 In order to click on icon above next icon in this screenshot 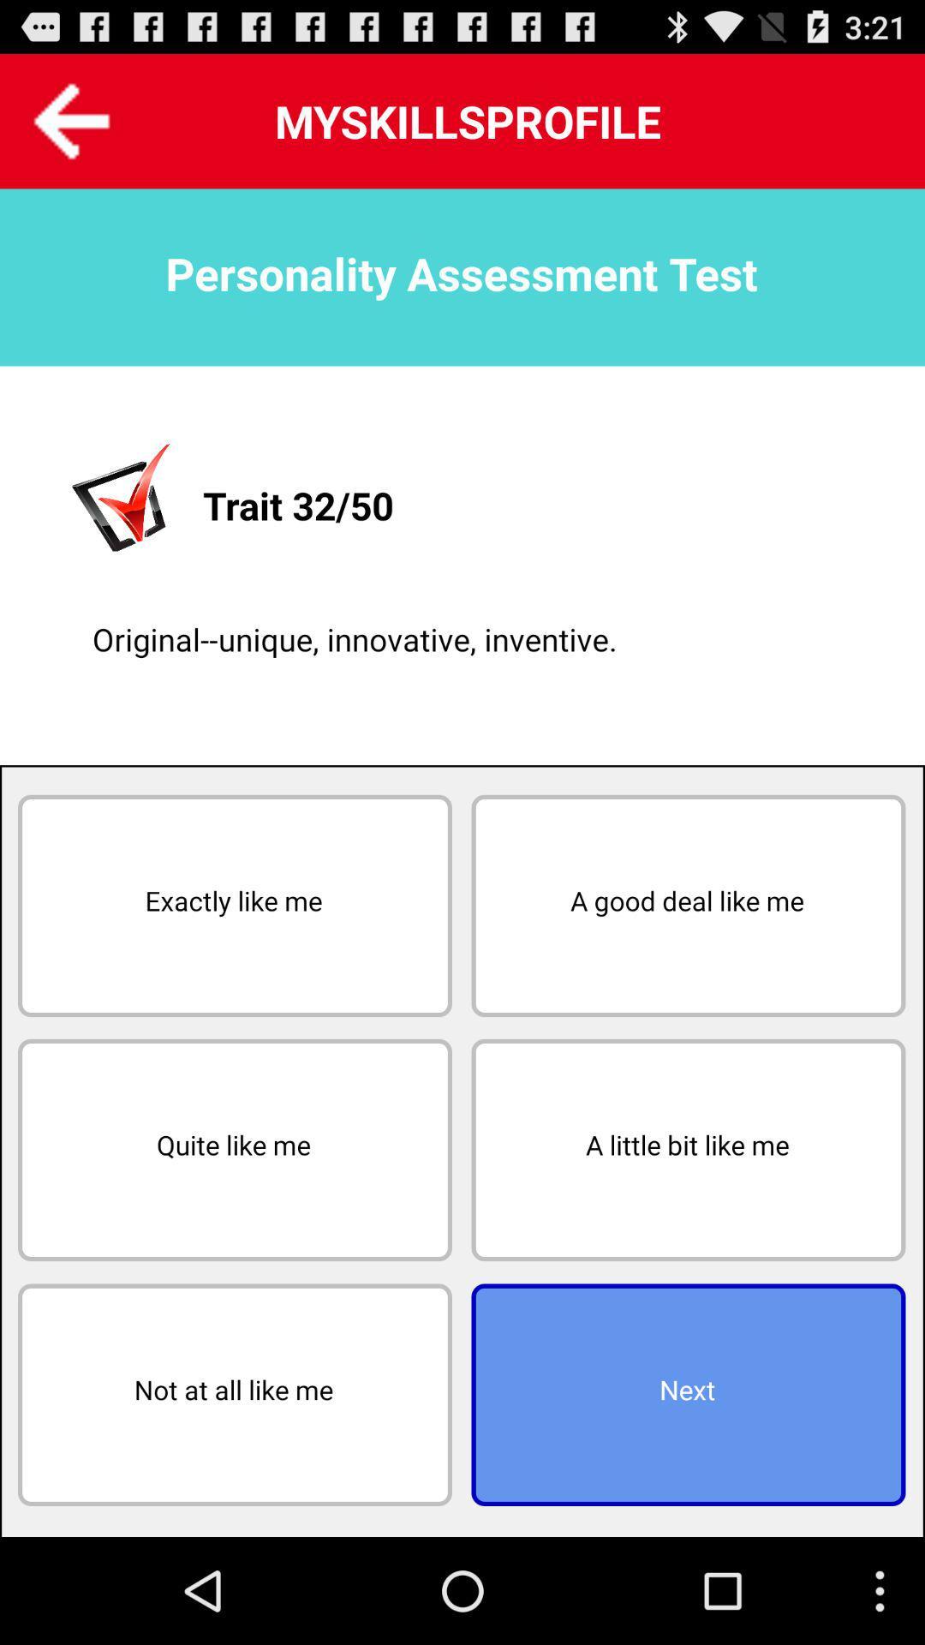, I will do `click(687, 1150)`.